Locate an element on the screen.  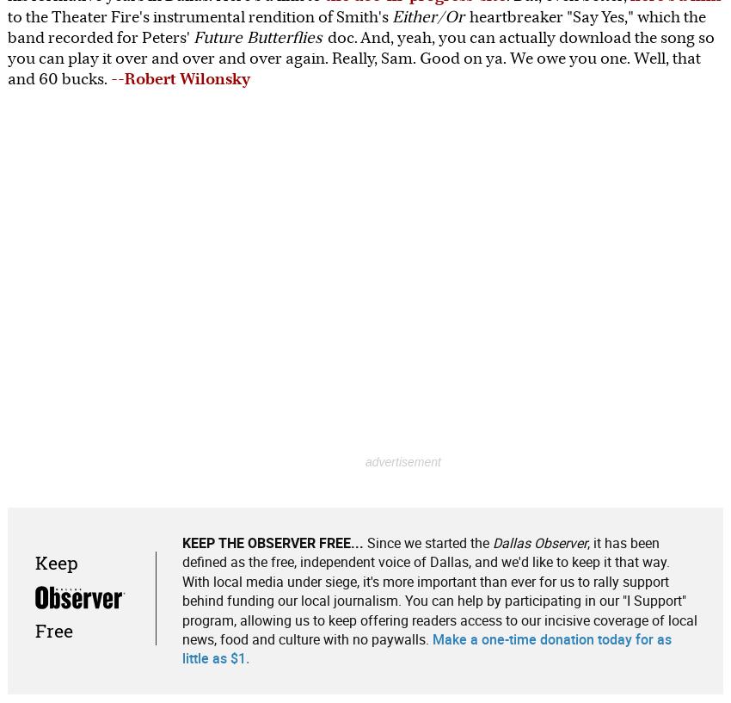
'Either/Or' is located at coordinates (428, 15).